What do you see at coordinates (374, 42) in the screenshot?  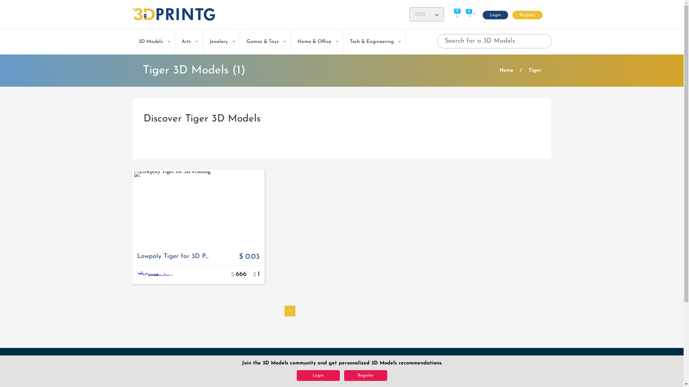 I see `'Tech & Engineering'` at bounding box center [374, 42].